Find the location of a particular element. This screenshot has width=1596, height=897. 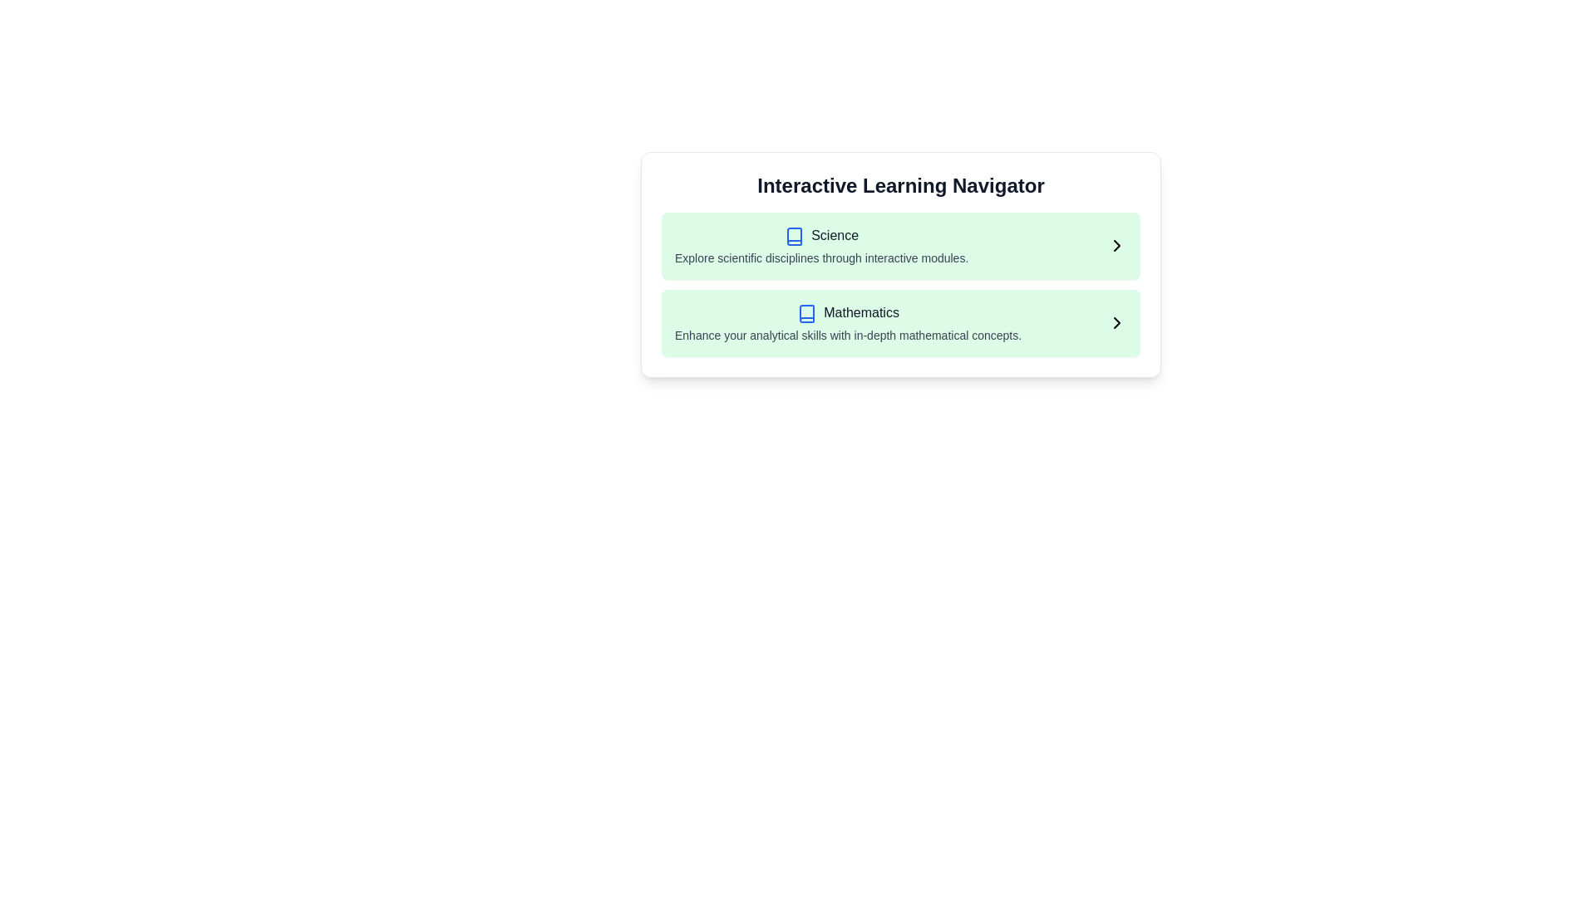

the label element that serves as the caption for the section describing scientific disciplines, positioned centrally in the light green background area above the description: 'Explore scientific disciplines through interactive modules.' is located at coordinates (835, 235).